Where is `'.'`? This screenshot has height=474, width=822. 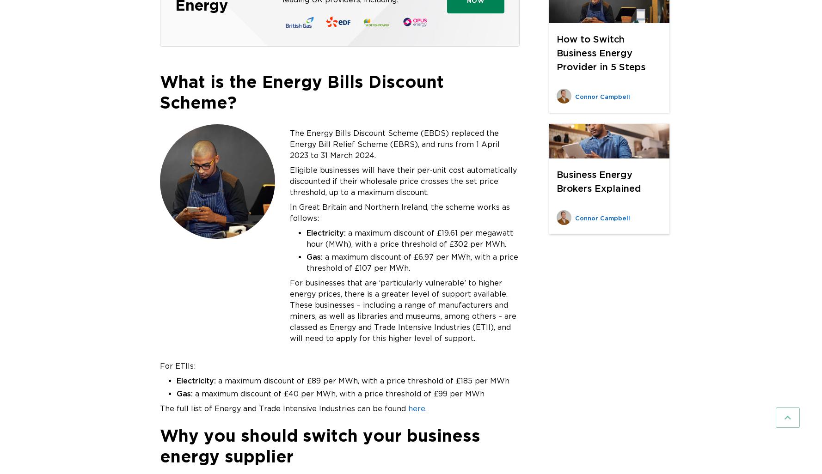
'.' is located at coordinates (426, 407).